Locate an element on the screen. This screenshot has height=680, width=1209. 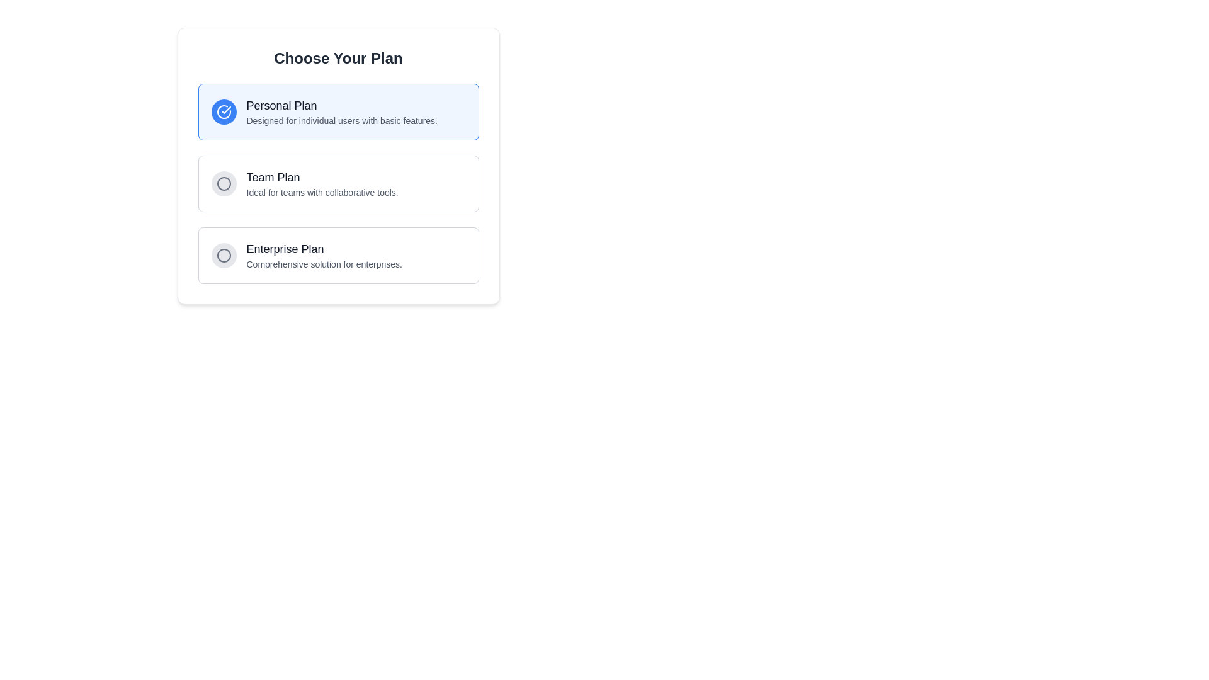
the gray circular SVG icon located to the left of the 'Enterprise Plan' text is located at coordinates (224, 255).